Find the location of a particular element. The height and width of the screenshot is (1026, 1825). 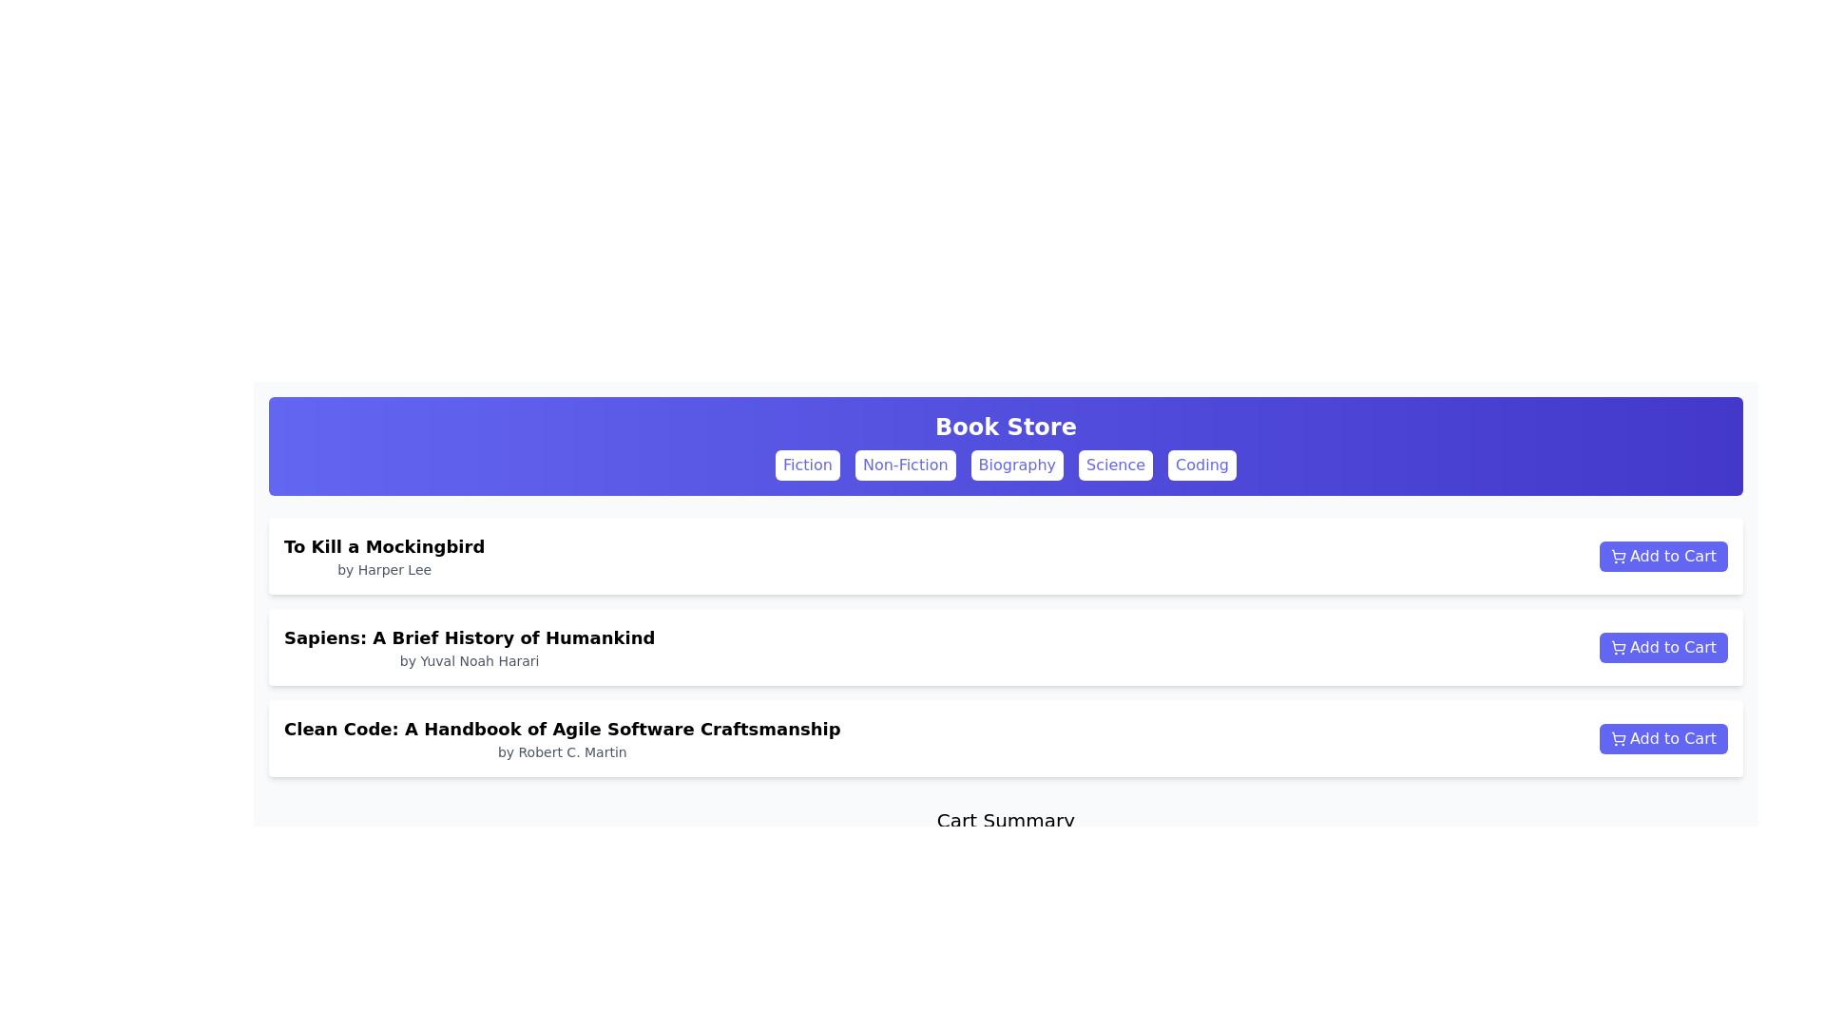

the text block displaying the title 'To Kill a Mockingbird' and subtitle 'by Harper Lee', which is the top entry in the book list section is located at coordinates (383, 556).